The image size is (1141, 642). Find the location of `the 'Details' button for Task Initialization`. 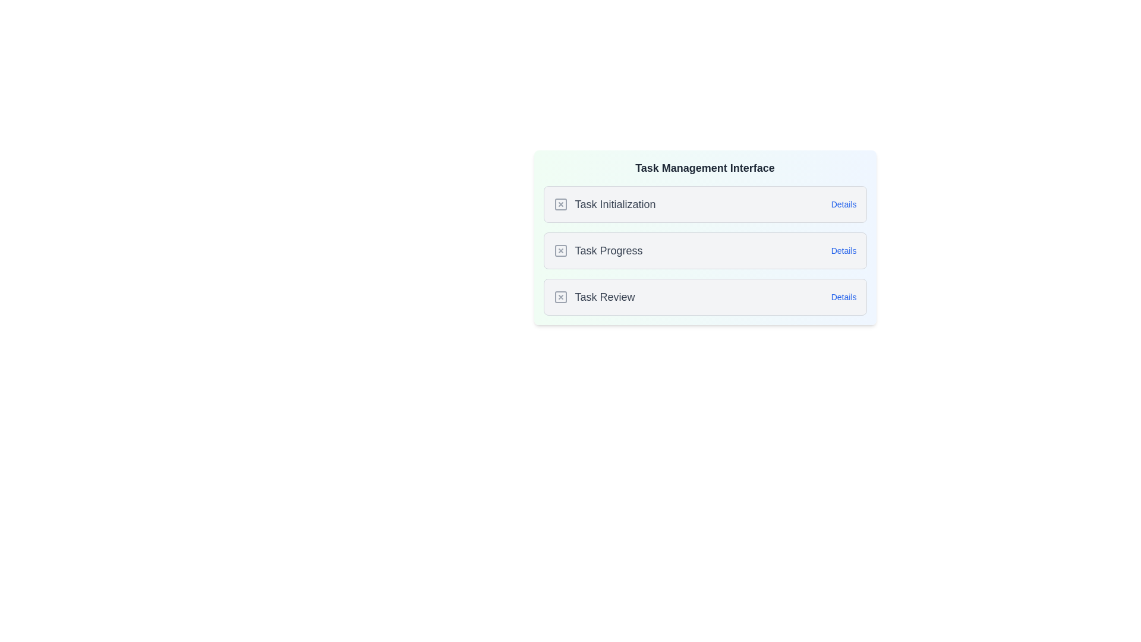

the 'Details' button for Task Initialization is located at coordinates (843, 203).